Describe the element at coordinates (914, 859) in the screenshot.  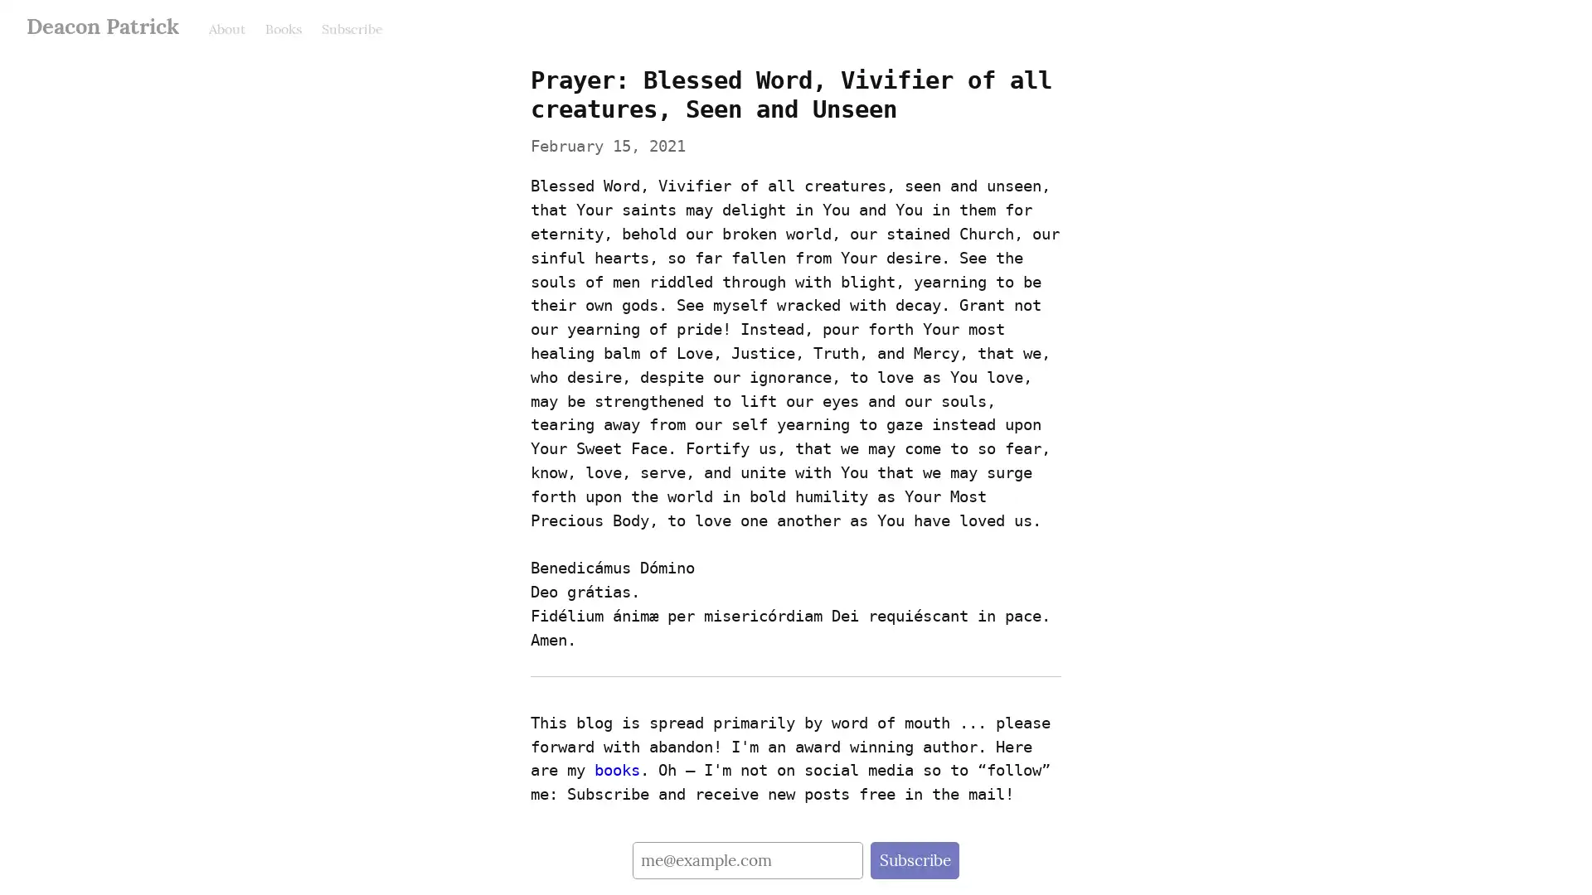
I see `Subscribe` at that location.